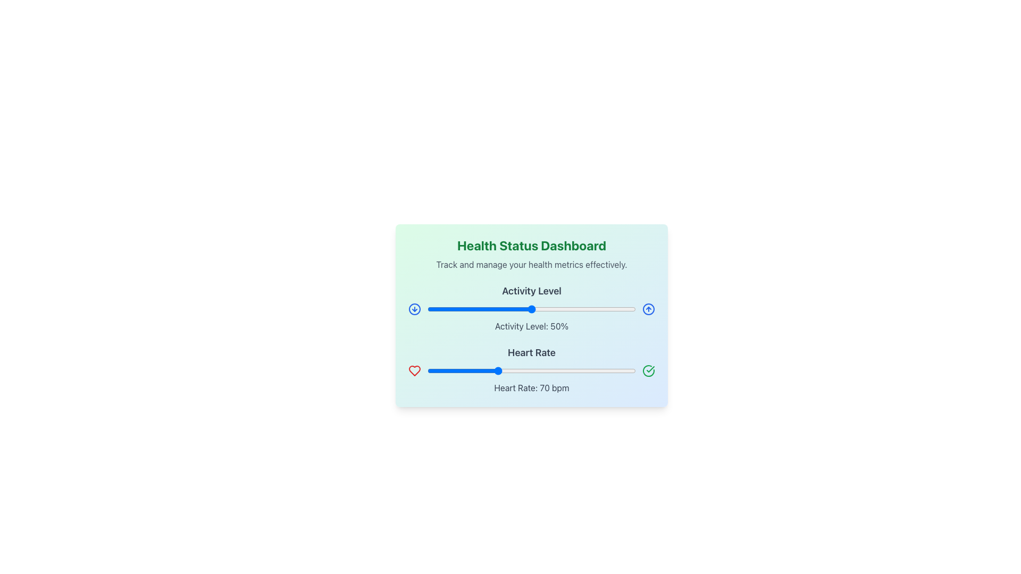  Describe the element at coordinates (495, 370) in the screenshot. I see `heart rate` at that location.